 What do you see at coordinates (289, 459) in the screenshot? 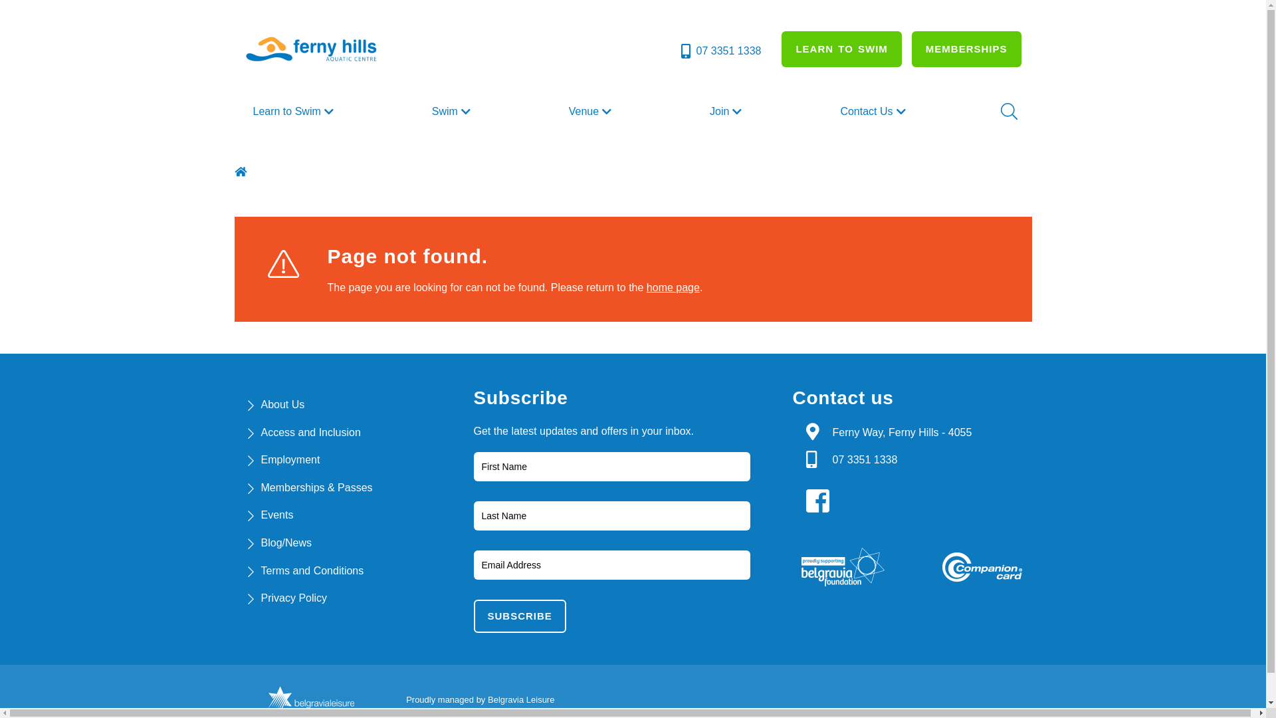
I see `'Employment'` at bounding box center [289, 459].